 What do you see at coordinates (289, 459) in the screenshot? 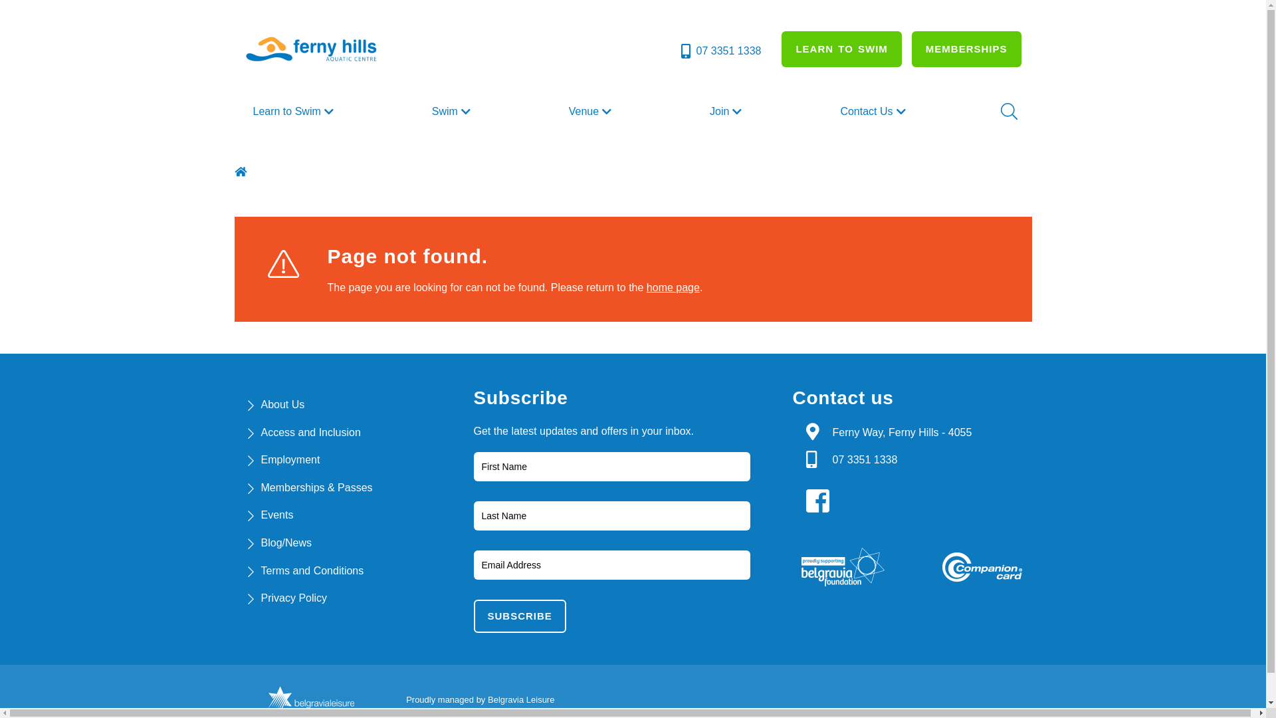
I see `'Employment'` at bounding box center [289, 459].